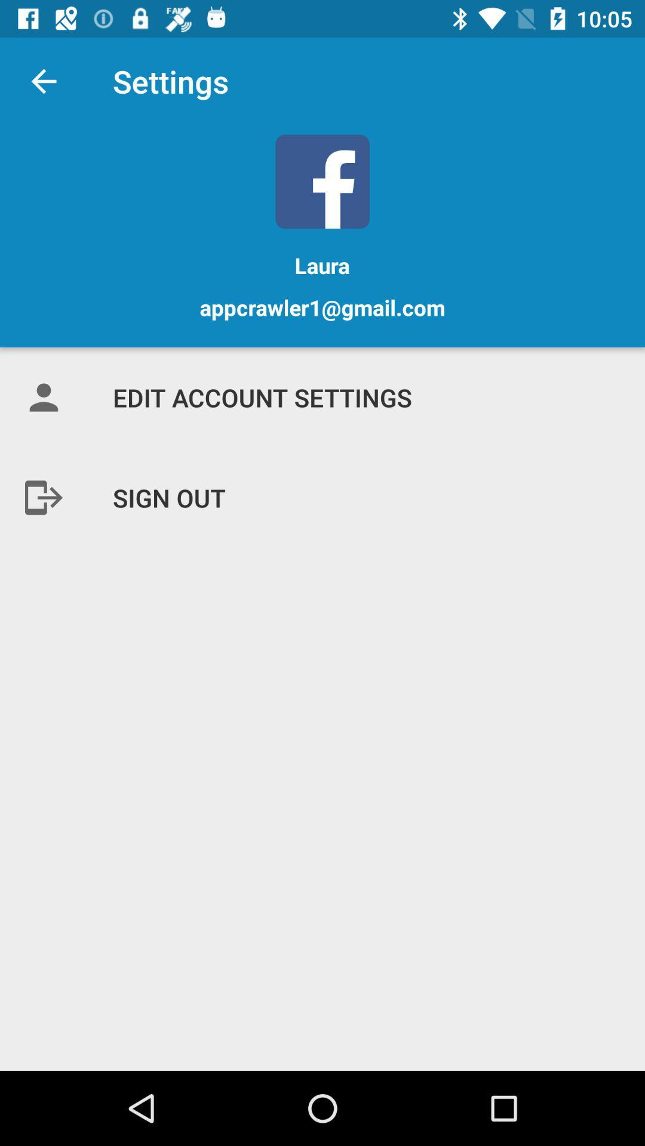 The height and width of the screenshot is (1146, 645). What do you see at coordinates (43, 81) in the screenshot?
I see `the icon to the left of the settings item` at bounding box center [43, 81].